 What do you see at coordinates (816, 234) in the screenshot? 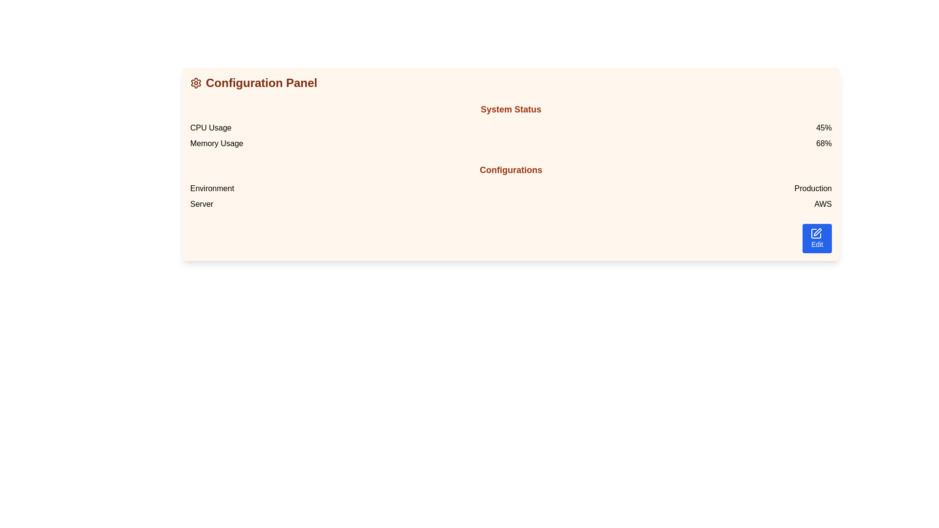
I see `the edit icon located within the blue rectangular button labeled 'Edit' at the bottom-right corner of the card section in the Configuration Panel` at bounding box center [816, 234].